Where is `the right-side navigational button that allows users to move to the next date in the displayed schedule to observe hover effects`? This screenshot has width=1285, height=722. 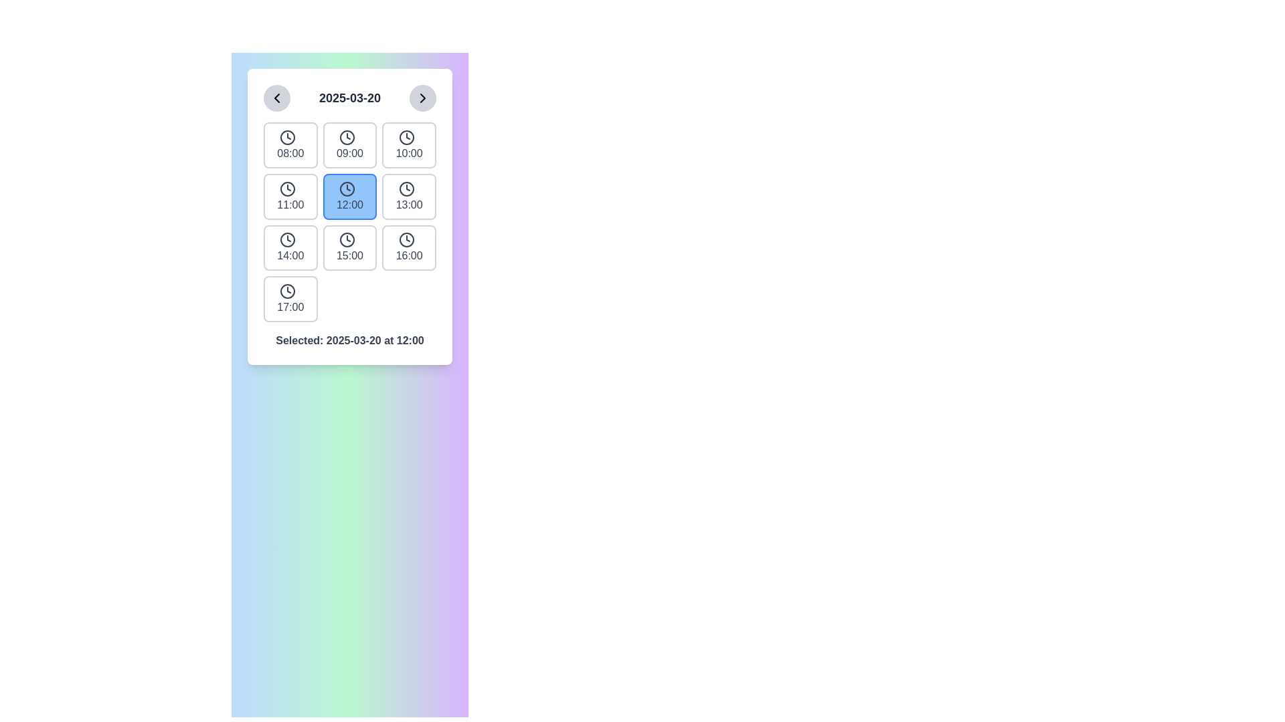 the right-side navigational button that allows users to move to the next date in the displayed schedule to observe hover effects is located at coordinates (422, 97).